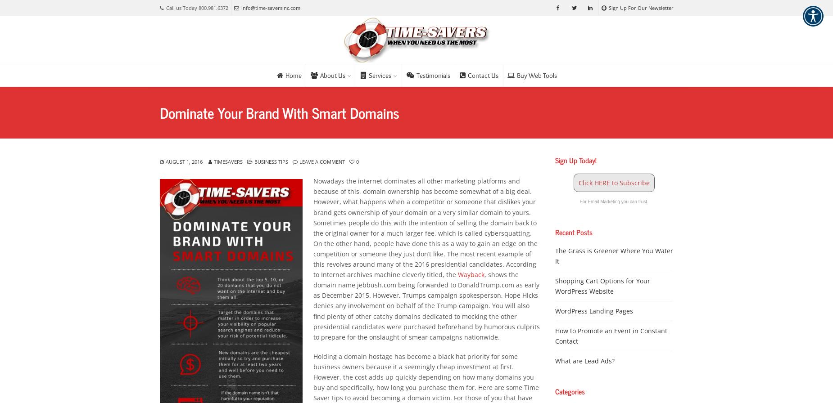 The height and width of the screenshot is (403, 833). I want to click on 'Call us Today 800.981.6372', so click(197, 8).